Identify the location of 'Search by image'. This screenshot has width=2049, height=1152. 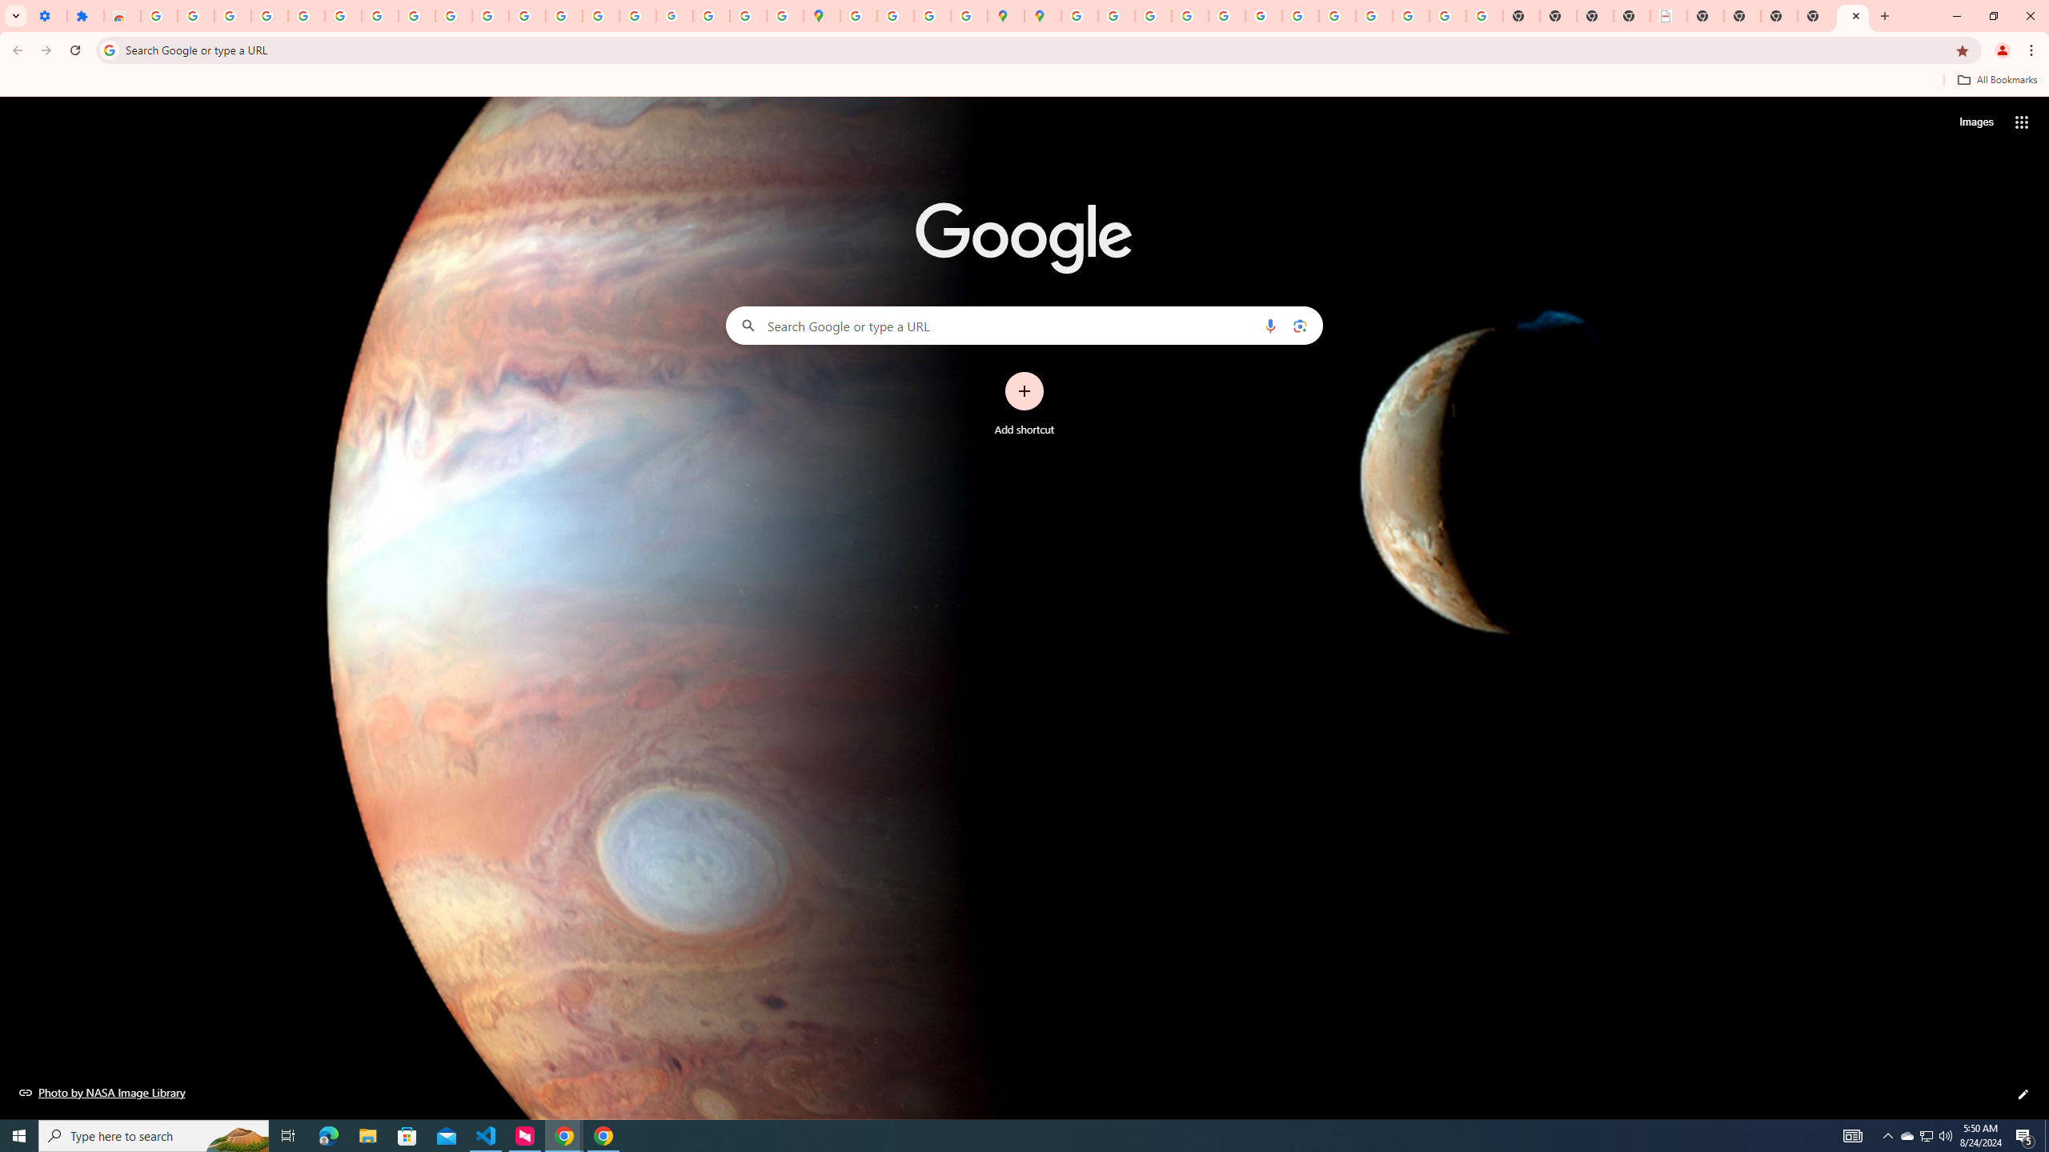
(1298, 324).